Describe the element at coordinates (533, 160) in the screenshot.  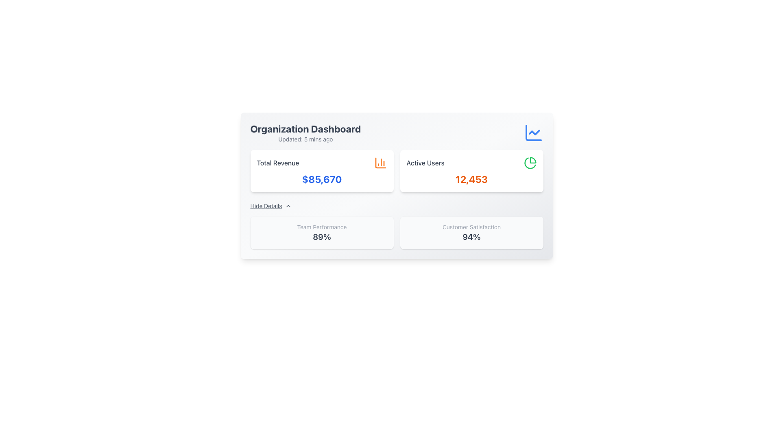
I see `the pie chart graphic in the top-right card of the dashboard, which represents an analytical metric` at that location.